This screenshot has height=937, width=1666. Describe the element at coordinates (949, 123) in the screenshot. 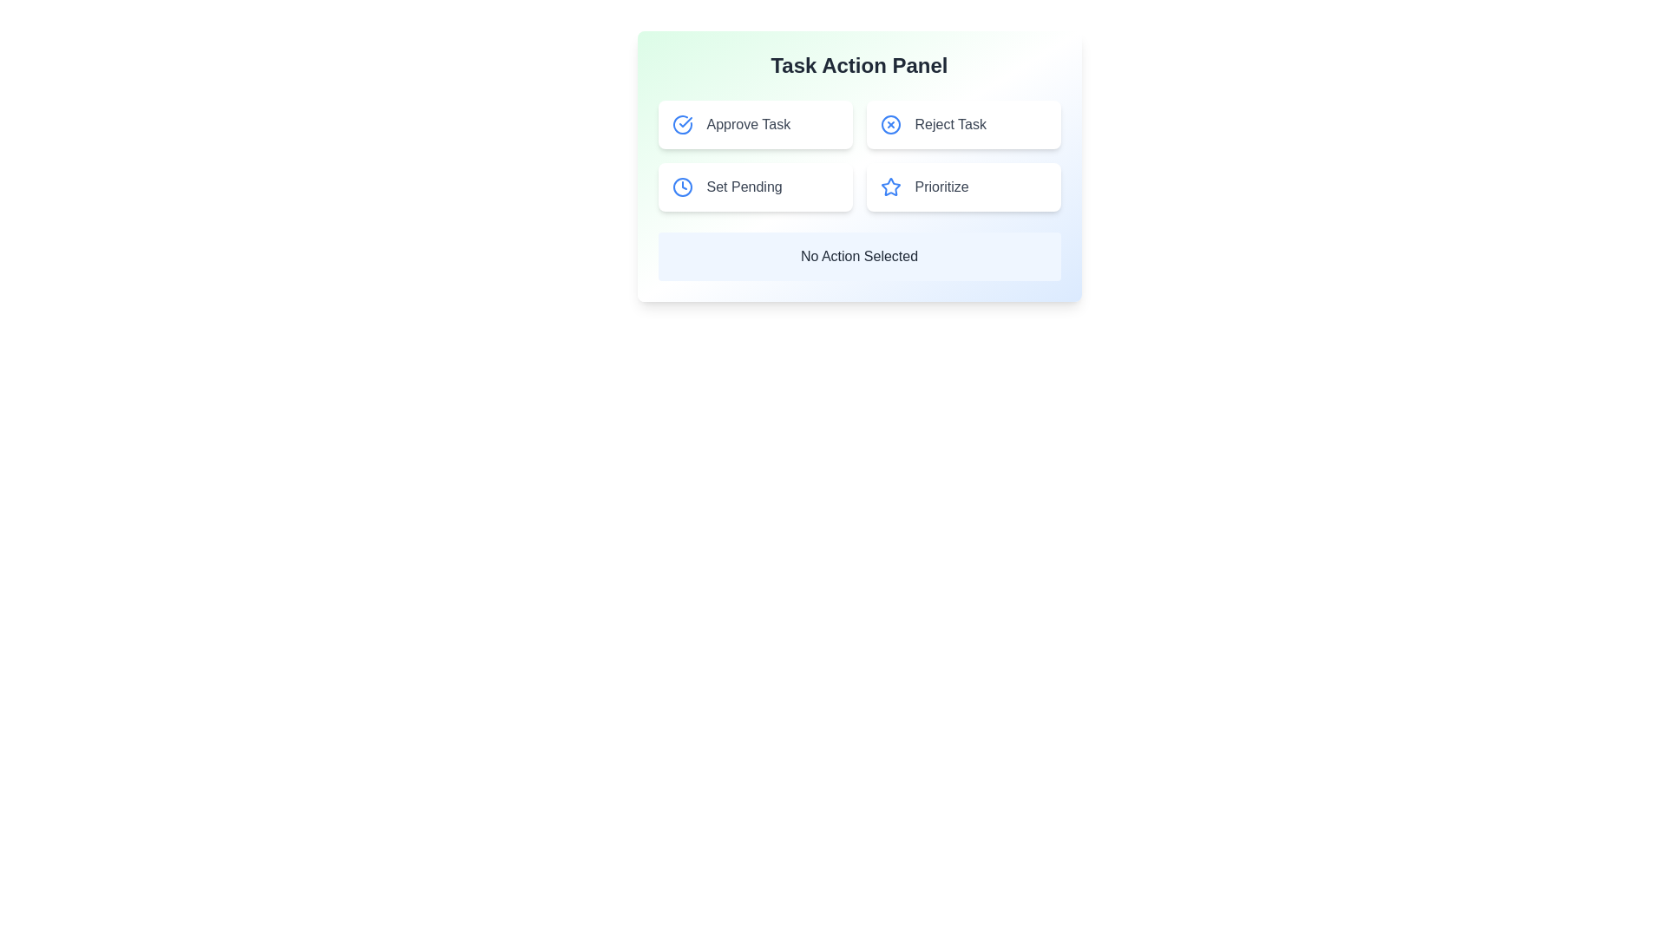

I see `the 'Reject Task' text label, which is styled in medium font weight and gray color, located in the top-right slot of a grid of buttons` at that location.